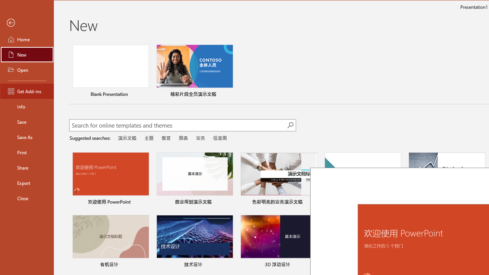 This screenshot has height=275, width=489. Describe the element at coordinates (27, 70) in the screenshot. I see `'Open'` at that location.